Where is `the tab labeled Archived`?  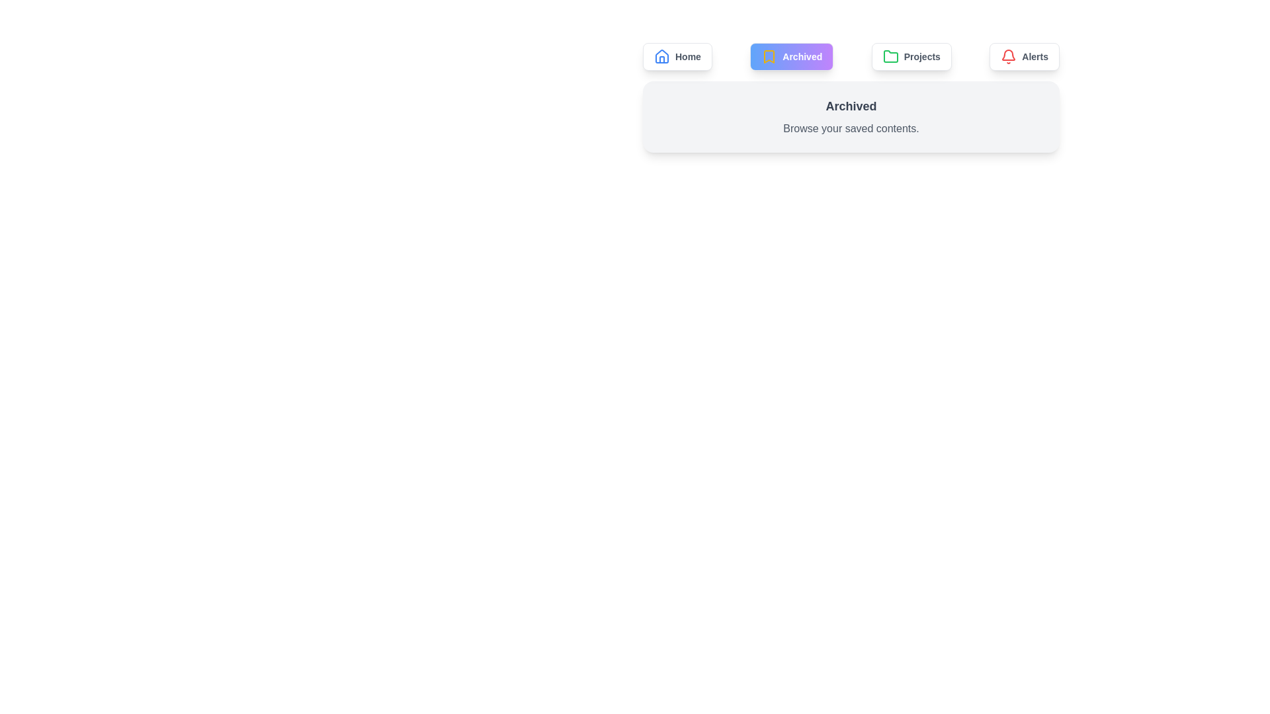 the tab labeled Archived is located at coordinates (792, 56).